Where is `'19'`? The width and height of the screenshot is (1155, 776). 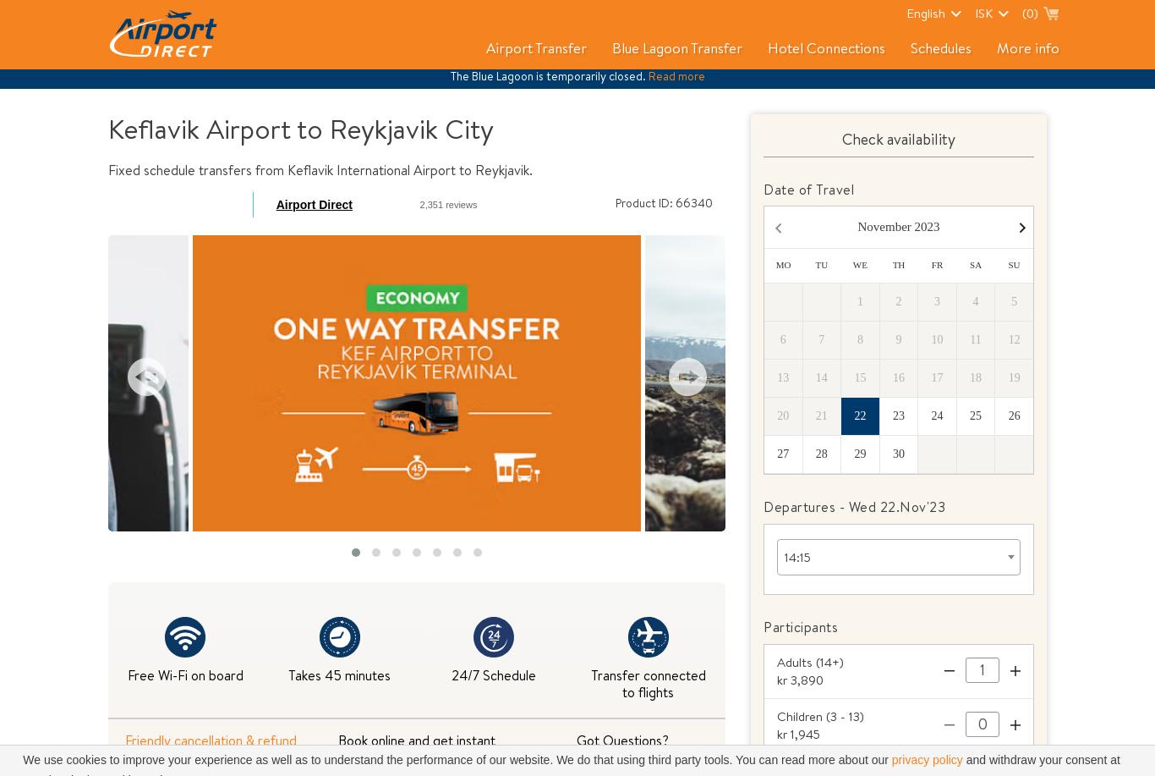
'19' is located at coordinates (1013, 377).